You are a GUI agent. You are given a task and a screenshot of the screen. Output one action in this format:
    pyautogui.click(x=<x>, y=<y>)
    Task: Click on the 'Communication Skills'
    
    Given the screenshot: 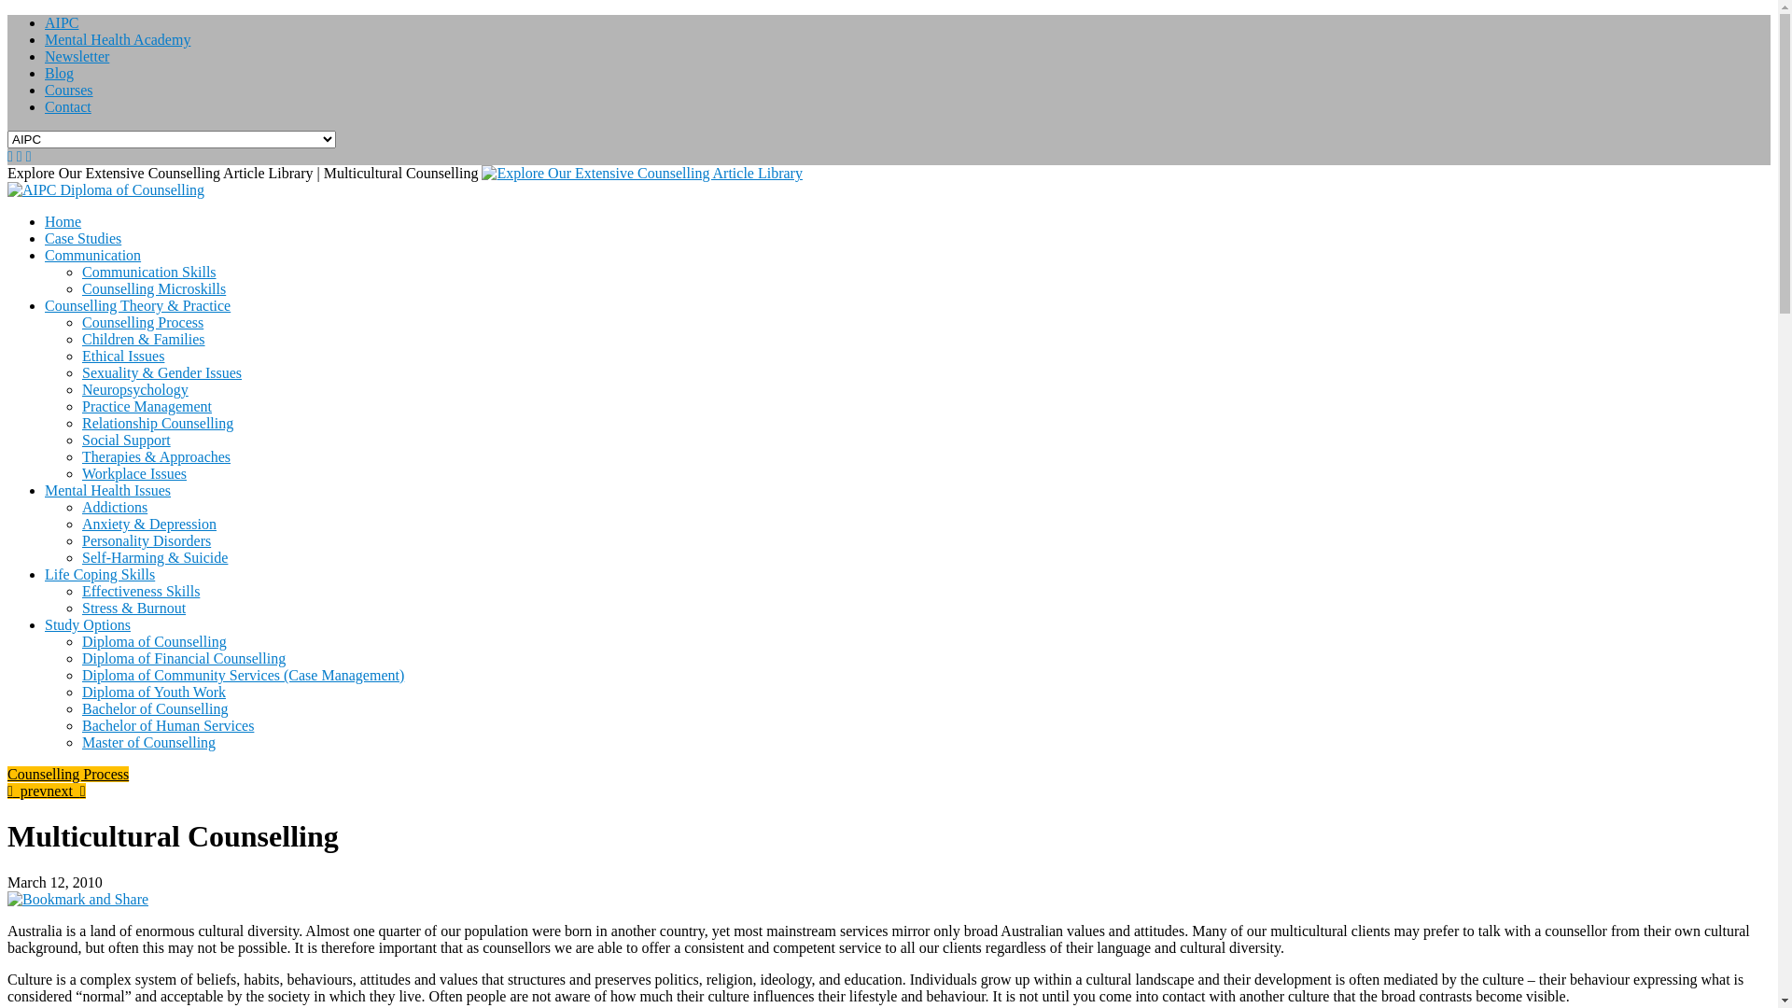 What is the action you would take?
    pyautogui.click(x=80, y=272)
    